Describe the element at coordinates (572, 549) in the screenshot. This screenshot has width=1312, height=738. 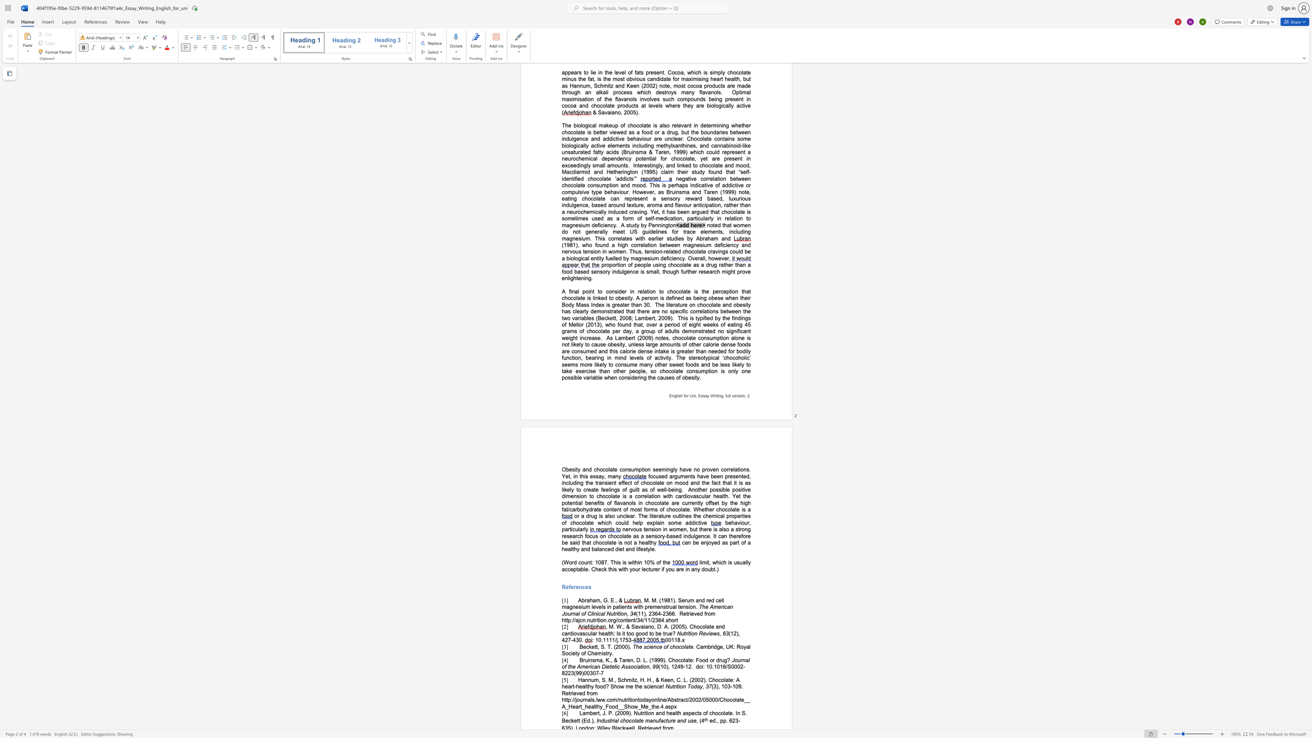
I see `the subset text "thy and balanced diet and lifestyle" within the text "can be enjoyed as part of a healthy and balanced diet and lifestyle."` at that location.